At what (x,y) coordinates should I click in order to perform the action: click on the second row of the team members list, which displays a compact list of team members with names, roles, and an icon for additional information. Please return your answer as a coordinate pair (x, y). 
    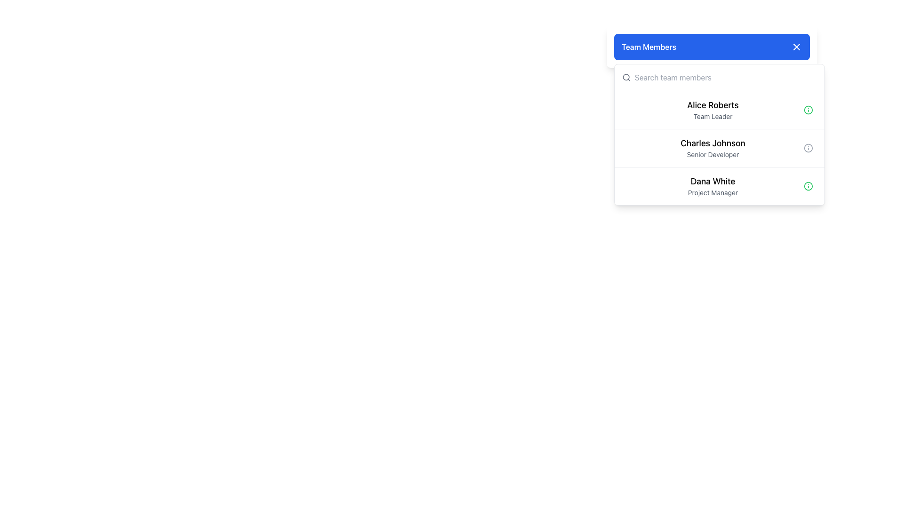
    Looking at the image, I should click on (719, 135).